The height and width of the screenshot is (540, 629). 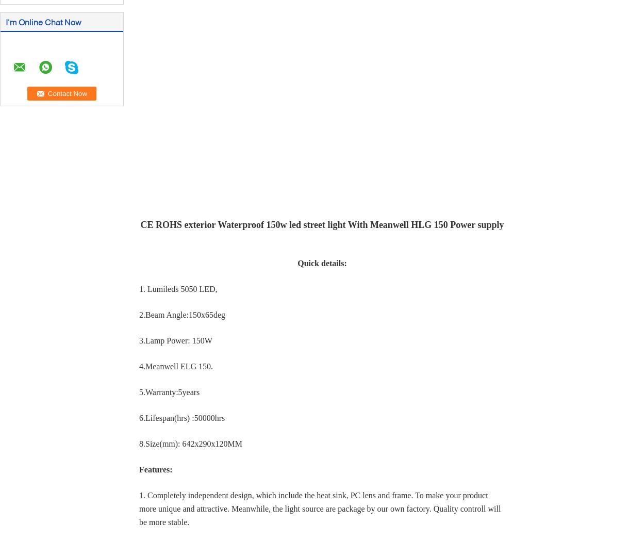 I want to click on '1. Lumileds 5050 LED,', so click(x=178, y=289).